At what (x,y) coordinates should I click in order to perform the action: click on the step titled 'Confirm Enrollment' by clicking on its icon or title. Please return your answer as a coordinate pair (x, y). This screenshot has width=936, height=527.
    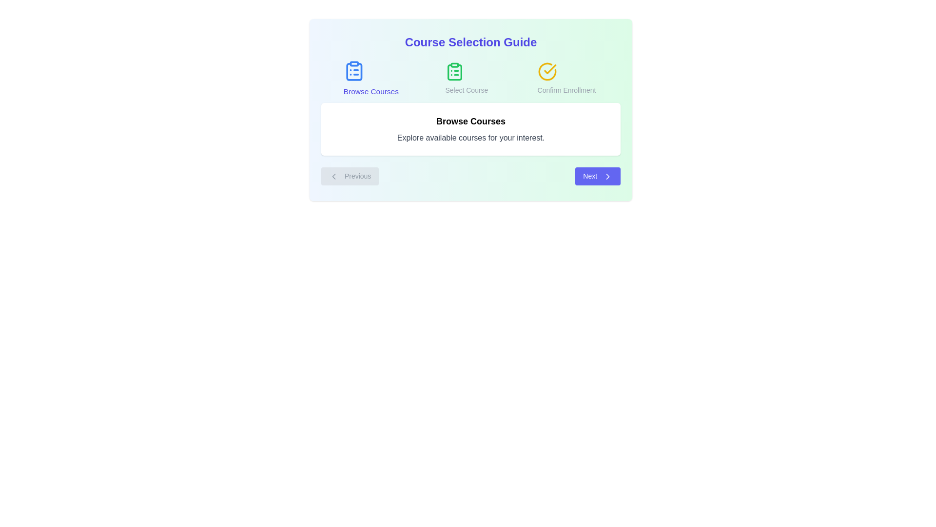
    Looking at the image, I should click on (566, 78).